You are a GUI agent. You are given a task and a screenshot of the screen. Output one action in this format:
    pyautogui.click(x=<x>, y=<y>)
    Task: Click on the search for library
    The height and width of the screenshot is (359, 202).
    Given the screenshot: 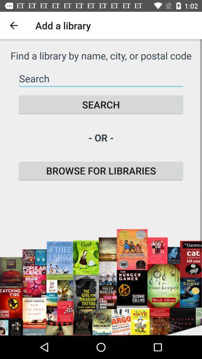 What is the action you would take?
    pyautogui.click(x=101, y=79)
    